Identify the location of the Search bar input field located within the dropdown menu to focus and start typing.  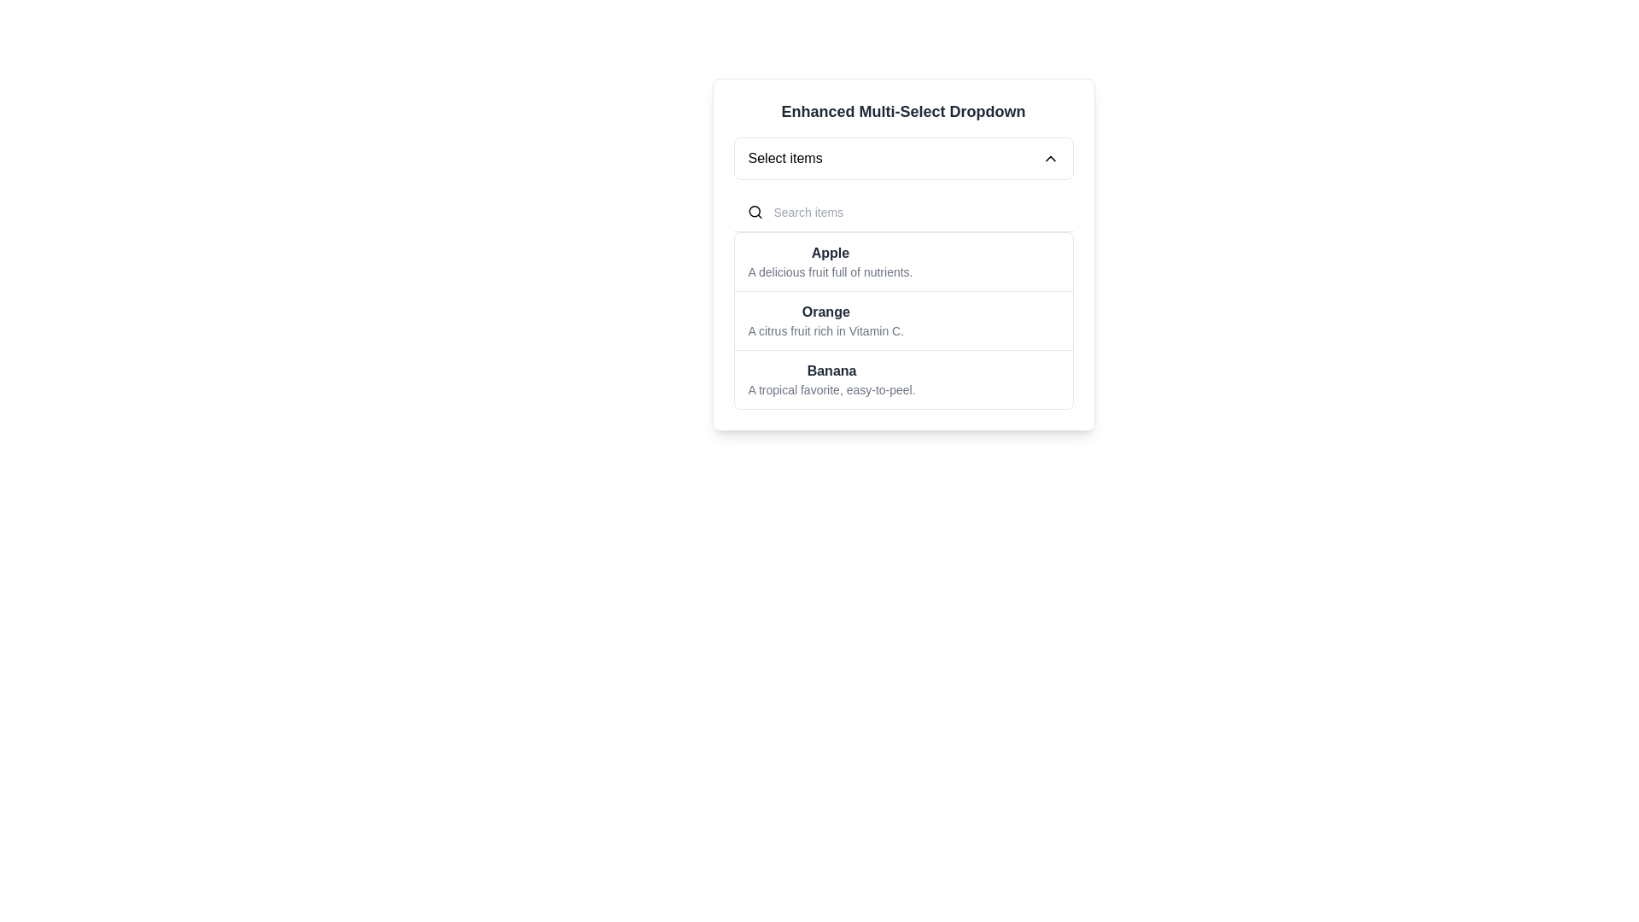
(902, 212).